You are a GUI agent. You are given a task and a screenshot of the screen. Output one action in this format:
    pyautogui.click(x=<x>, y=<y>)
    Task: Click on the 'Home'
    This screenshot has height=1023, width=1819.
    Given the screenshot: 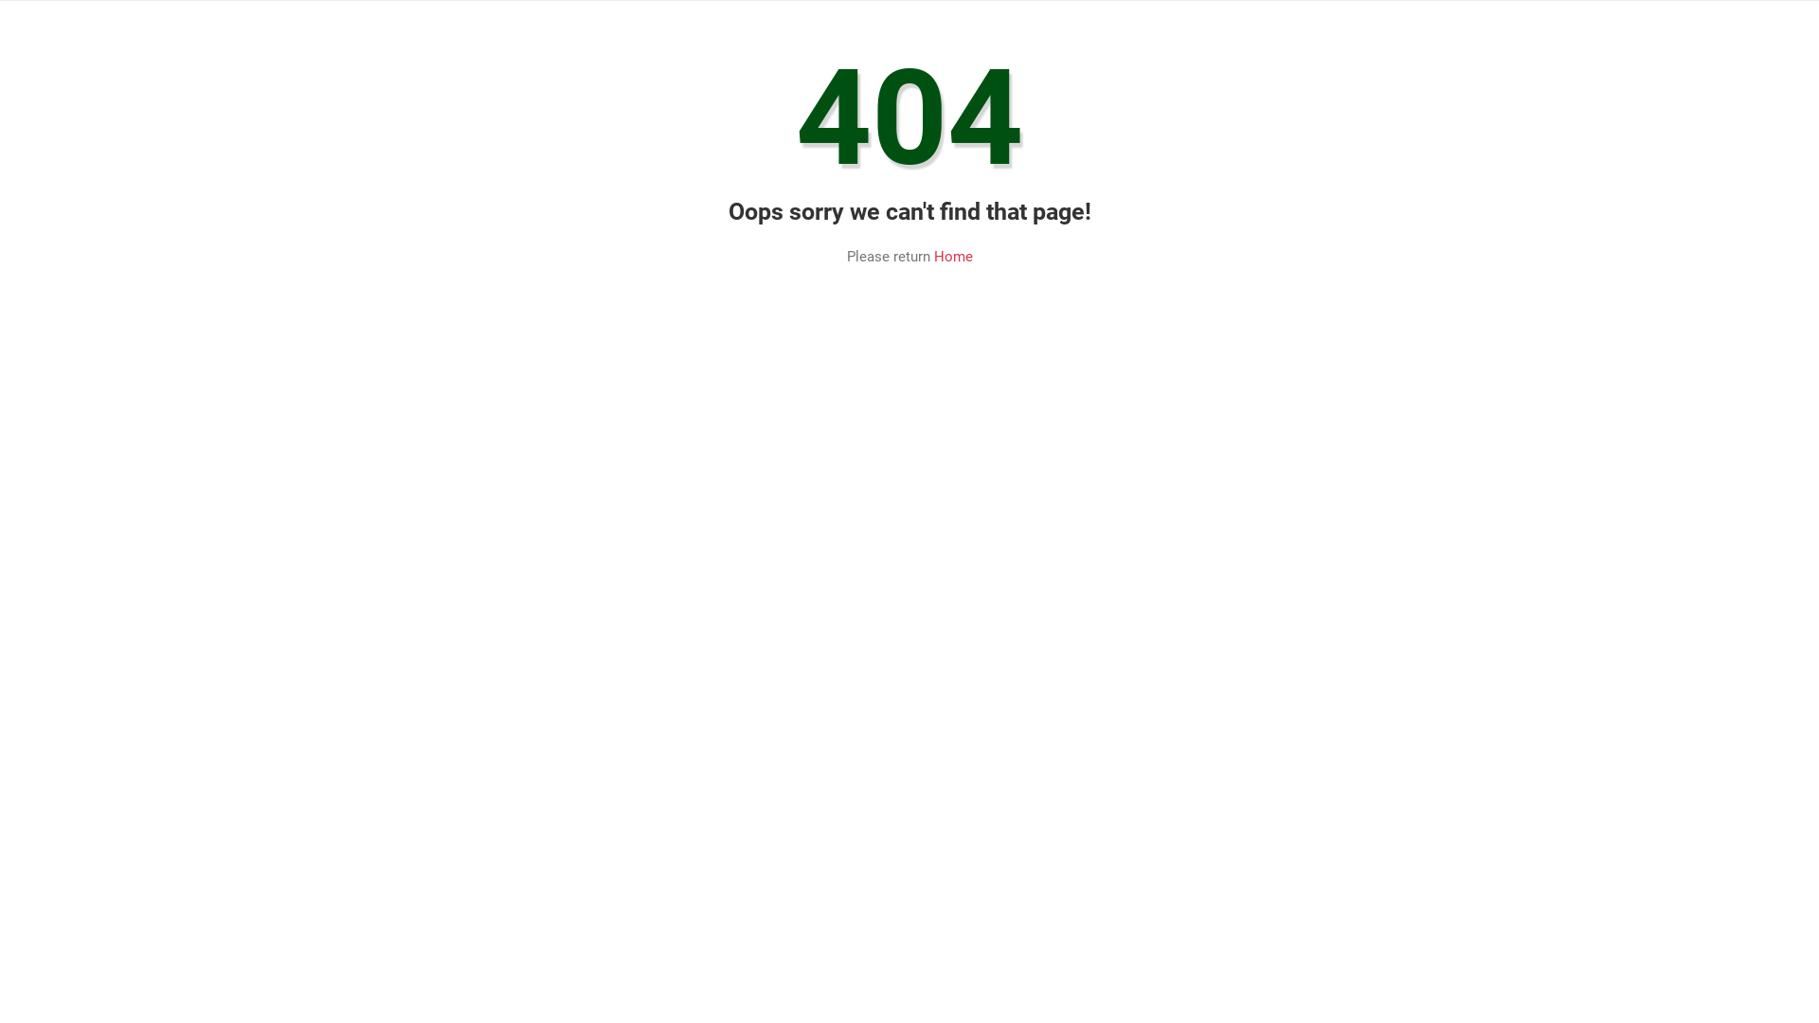 What is the action you would take?
    pyautogui.click(x=953, y=256)
    